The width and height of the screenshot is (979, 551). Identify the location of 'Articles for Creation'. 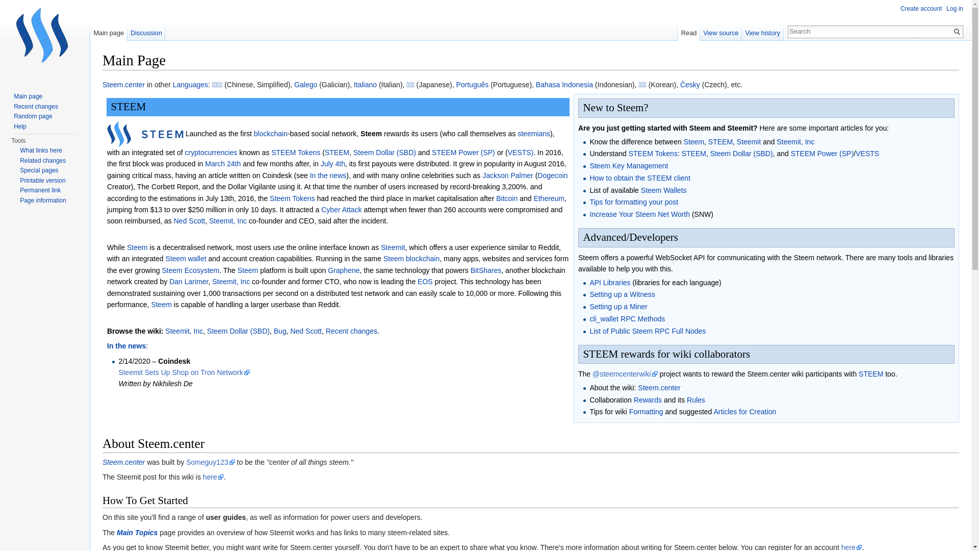
(744, 411).